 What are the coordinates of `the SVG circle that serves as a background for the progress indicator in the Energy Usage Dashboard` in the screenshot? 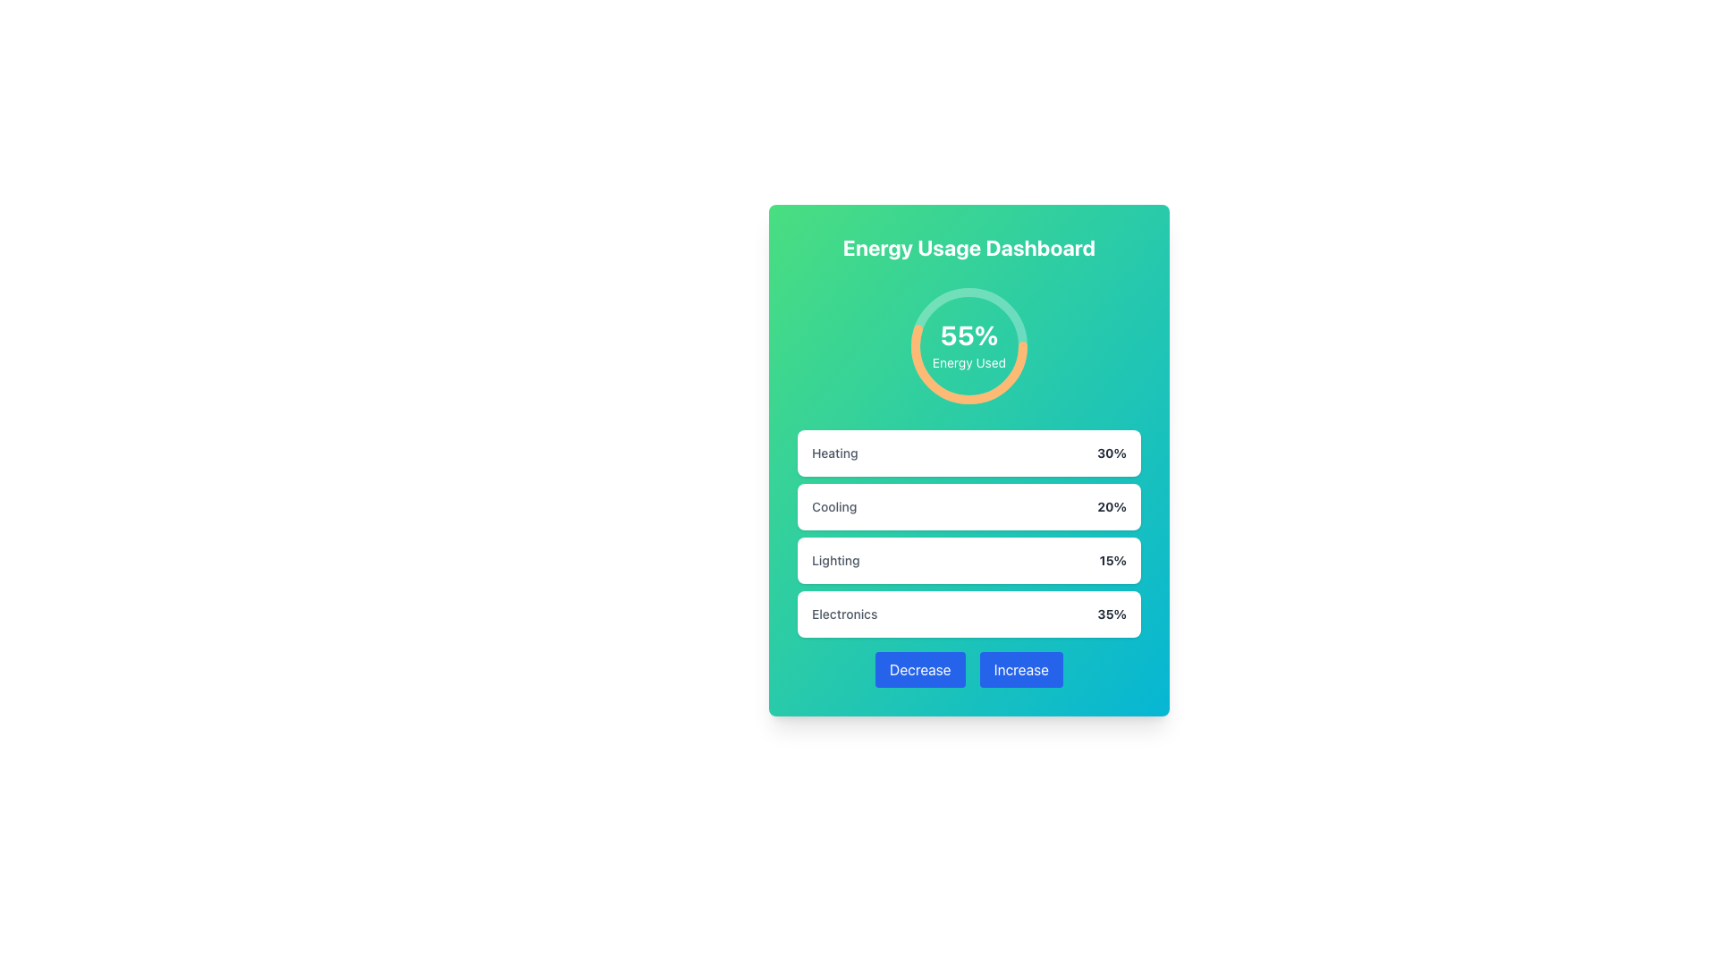 It's located at (968, 345).